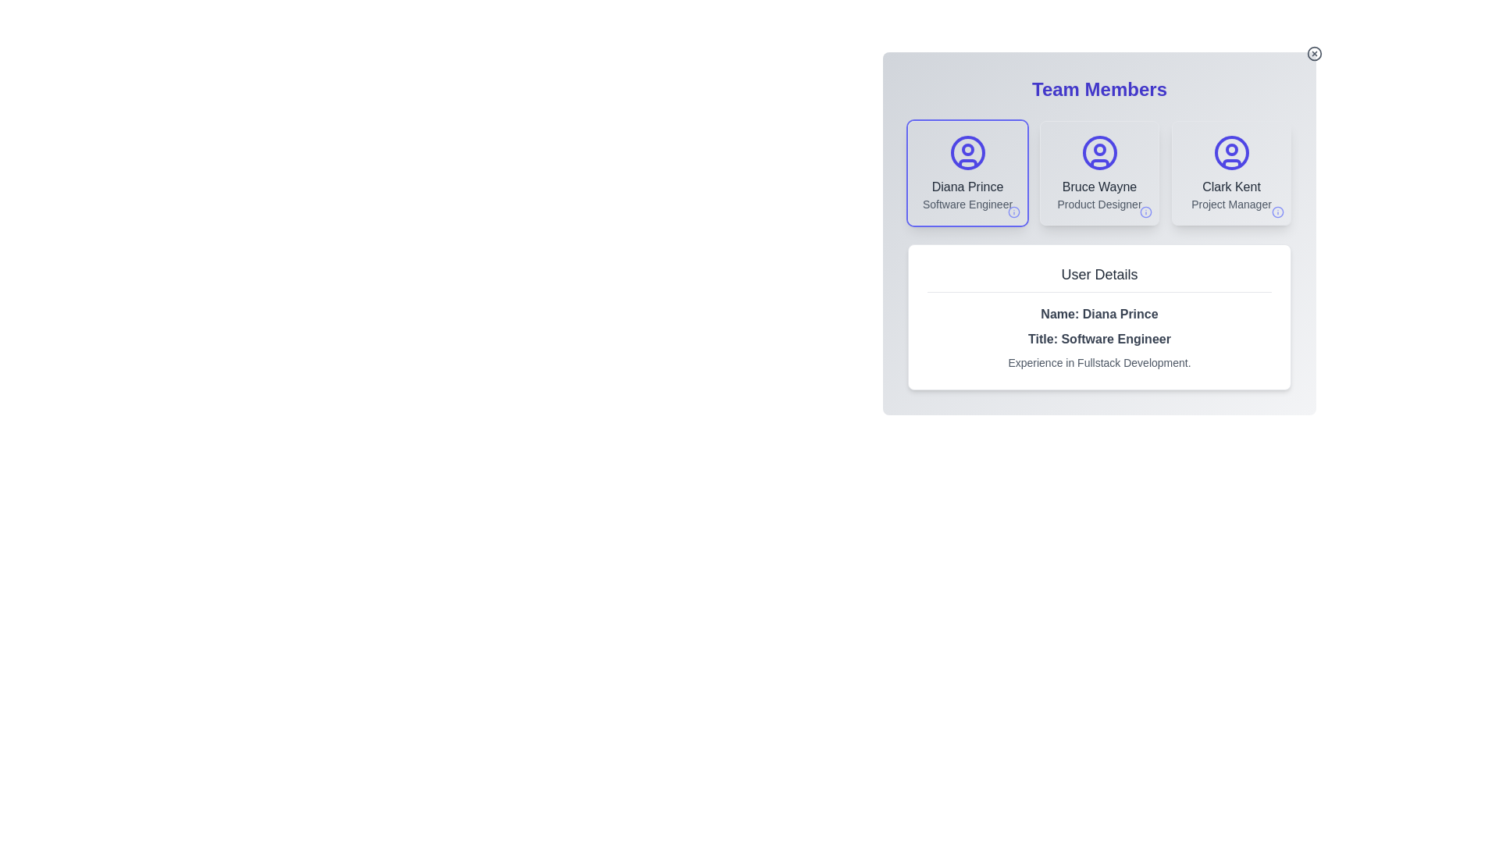  What do you see at coordinates (1230, 186) in the screenshot?
I see `text content of the text label identifying the individual in the third card from the left in the 'Team Members' section, located above the 'Project Manager' text element` at bounding box center [1230, 186].